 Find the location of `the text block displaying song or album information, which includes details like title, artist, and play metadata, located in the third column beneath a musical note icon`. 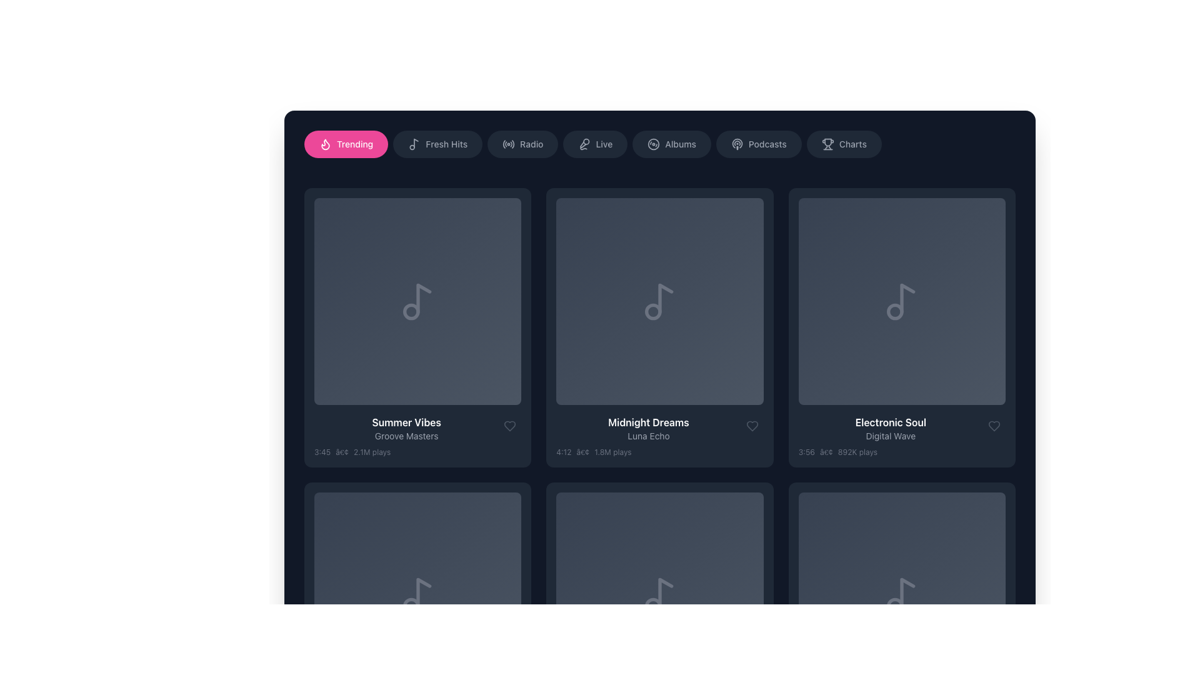

the text block displaying song or album information, which includes details like title, artist, and play metadata, located in the third column beneath a musical note icon is located at coordinates (890, 436).